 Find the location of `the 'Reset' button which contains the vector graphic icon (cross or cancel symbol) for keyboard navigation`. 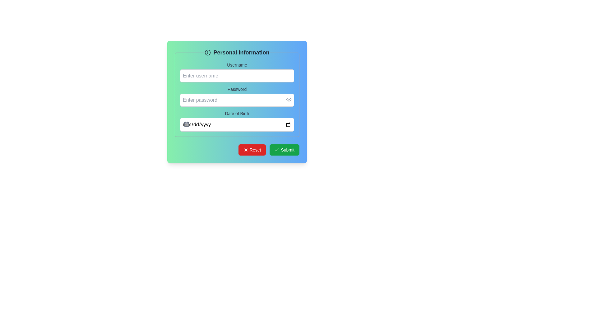

the 'Reset' button which contains the vector graphic icon (cross or cancel symbol) for keyboard navigation is located at coordinates (245, 150).